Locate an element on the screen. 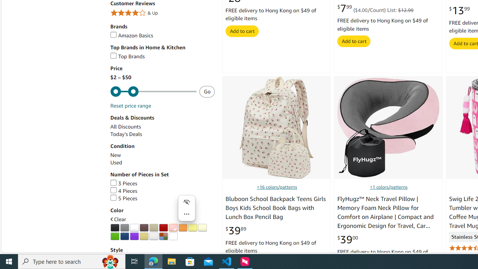 The image size is (478, 269). 'Pink' is located at coordinates (173, 227).